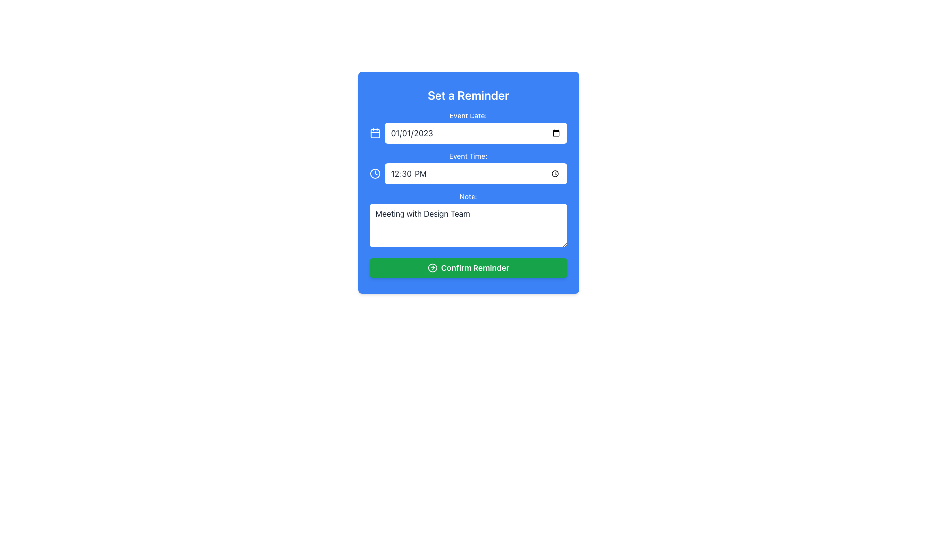 This screenshot has height=533, width=947. Describe the element at coordinates (374, 133) in the screenshot. I see `the calendar icon that indicates the purpose of the 'Event Date' input field, which is located on the left side of the input field` at that location.